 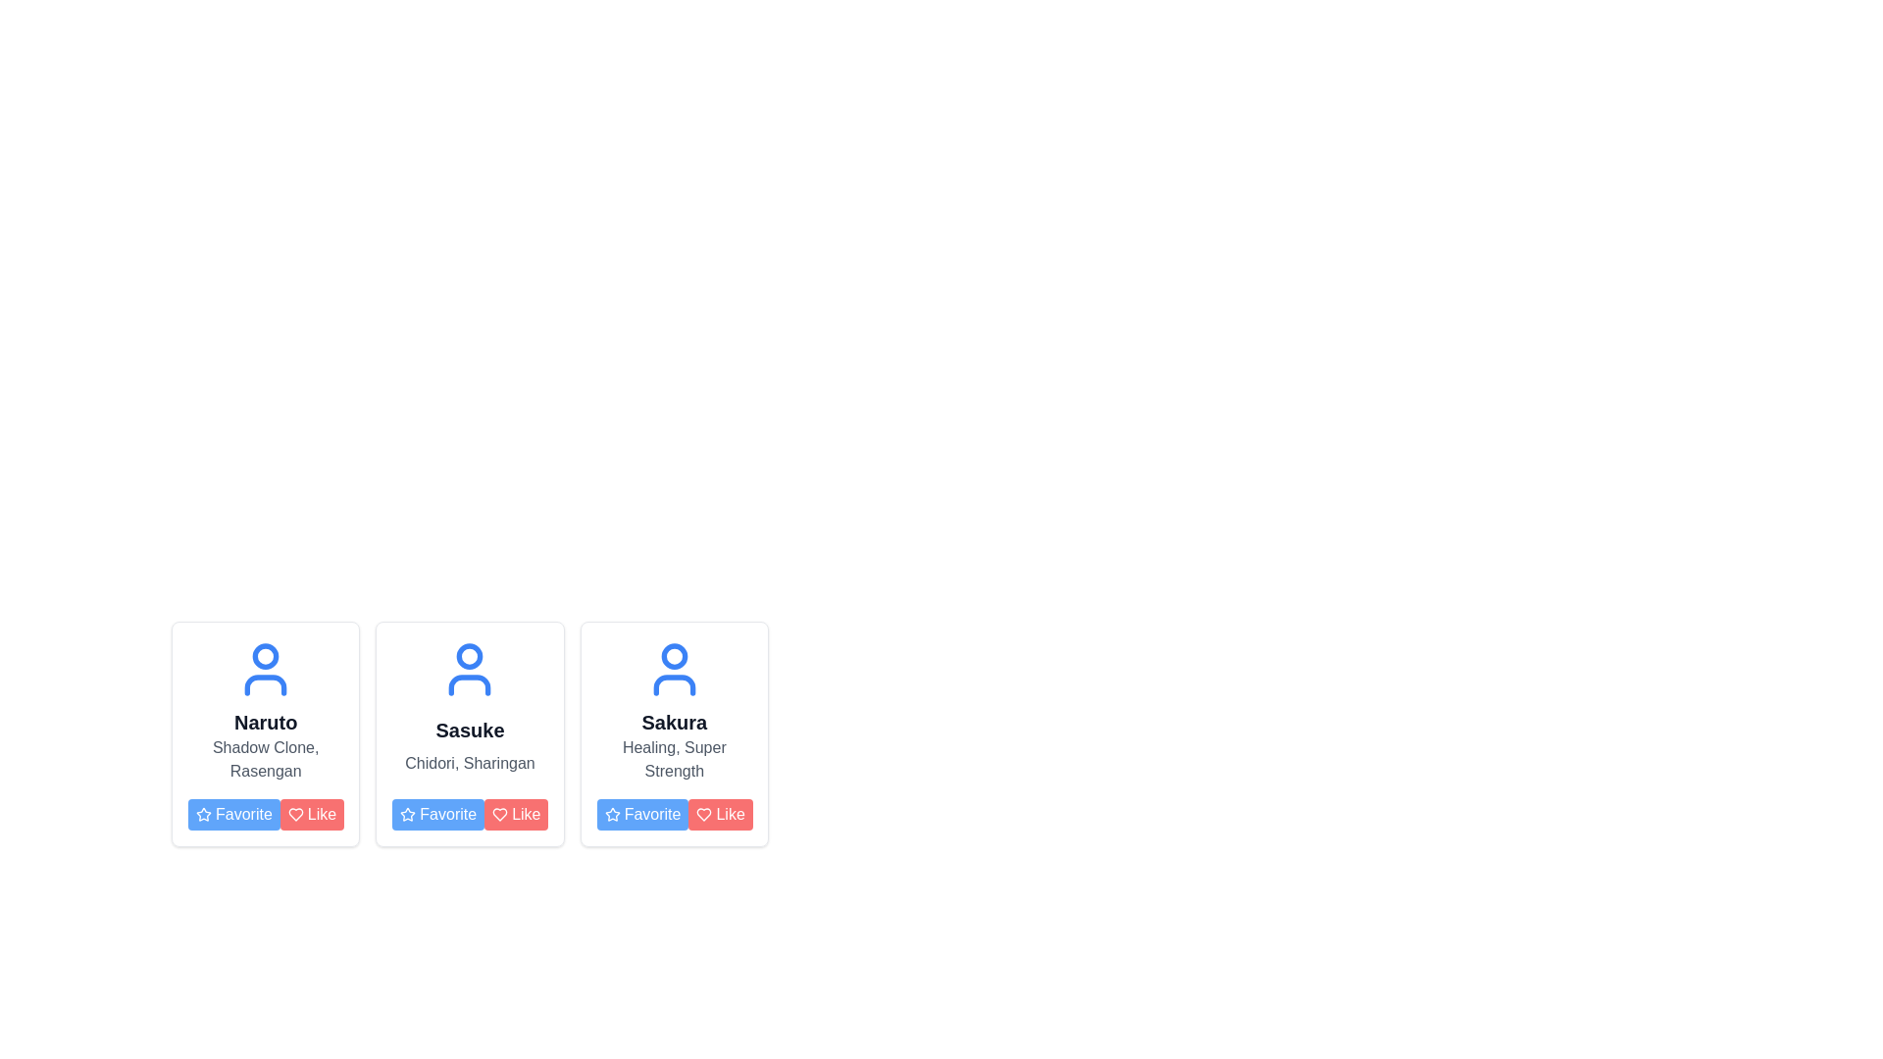 I want to click on the 'Favorite' button with a light blue background and a star icon, located, so click(x=642, y=814).